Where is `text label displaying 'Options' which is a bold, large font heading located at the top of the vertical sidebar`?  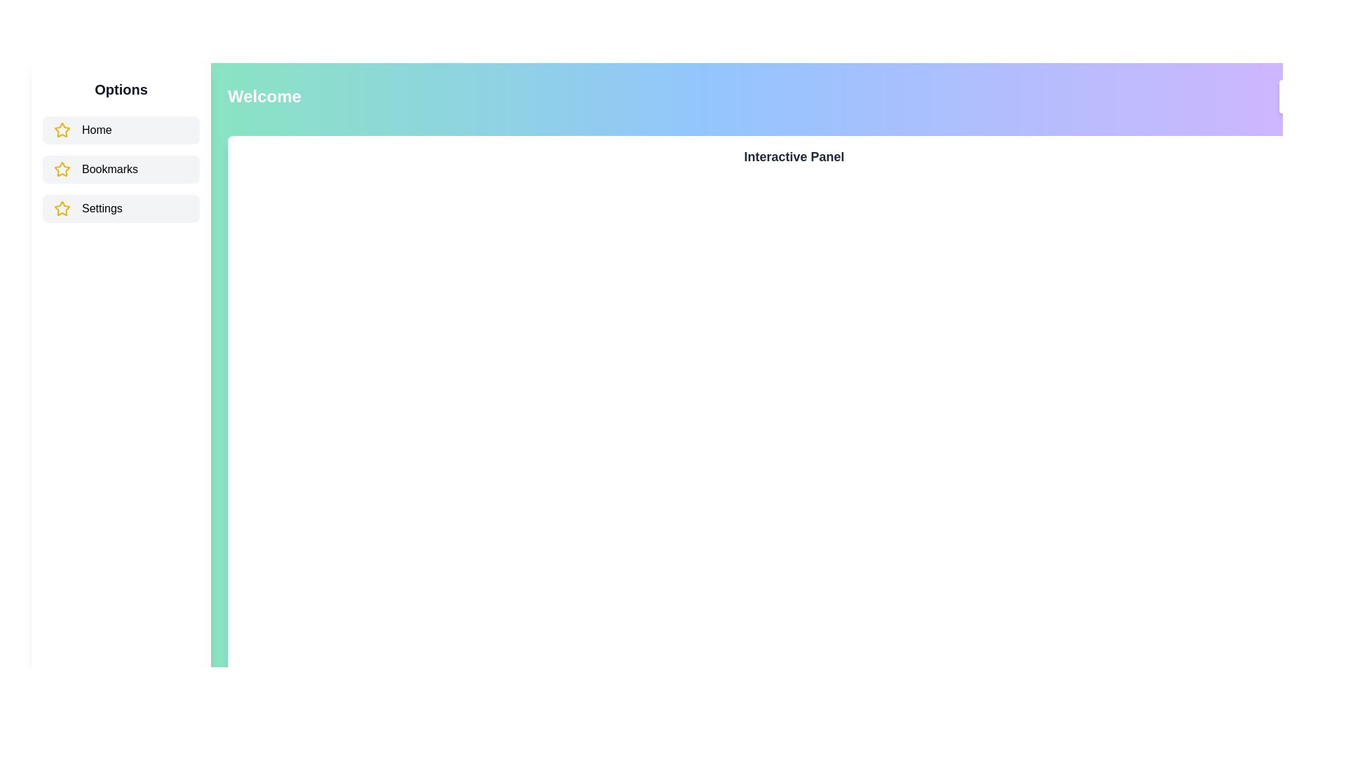 text label displaying 'Options' which is a bold, large font heading located at the top of the vertical sidebar is located at coordinates (121, 89).